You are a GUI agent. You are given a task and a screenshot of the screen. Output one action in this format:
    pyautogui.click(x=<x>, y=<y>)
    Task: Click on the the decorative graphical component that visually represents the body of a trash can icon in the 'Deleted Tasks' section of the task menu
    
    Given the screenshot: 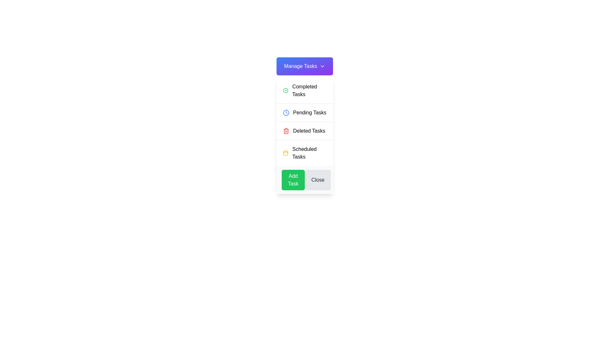 What is the action you would take?
    pyautogui.click(x=286, y=131)
    